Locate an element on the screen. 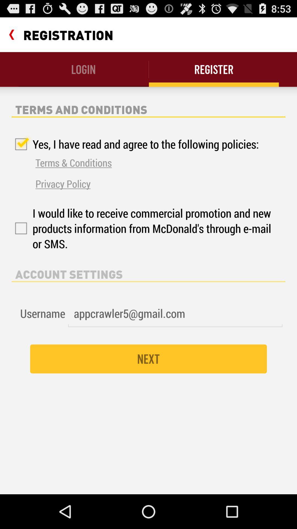 The height and width of the screenshot is (529, 297). privacy policy item is located at coordinates (63, 183).